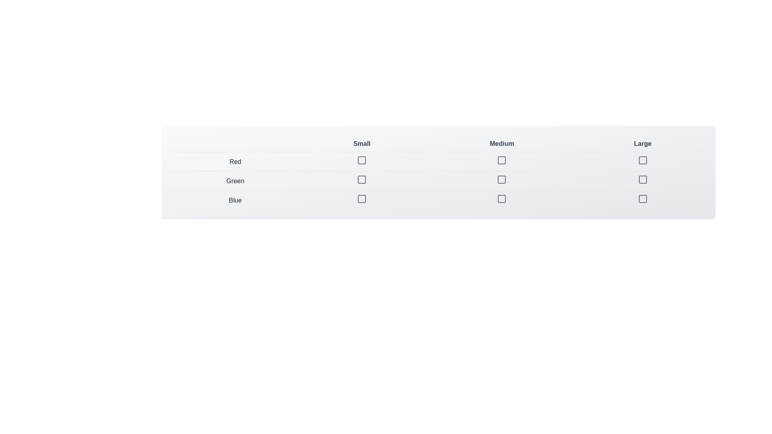 This screenshot has width=772, height=434. What do you see at coordinates (642, 160) in the screenshot?
I see `the square-shaped checkbox located` at bounding box center [642, 160].